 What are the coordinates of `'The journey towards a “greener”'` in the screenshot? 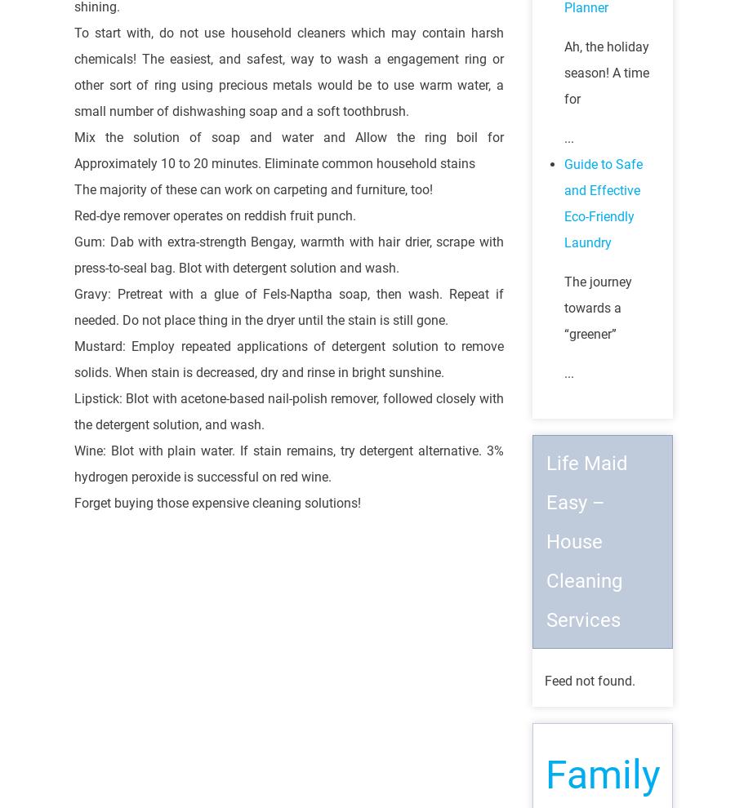 It's located at (597, 308).